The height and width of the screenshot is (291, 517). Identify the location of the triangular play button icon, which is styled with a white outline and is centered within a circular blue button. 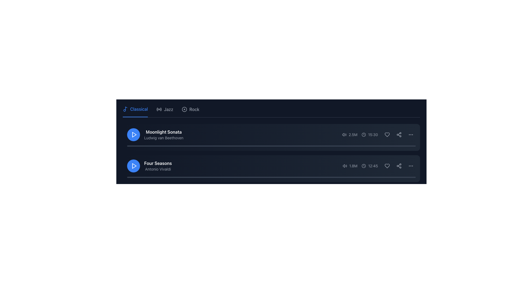
(134, 166).